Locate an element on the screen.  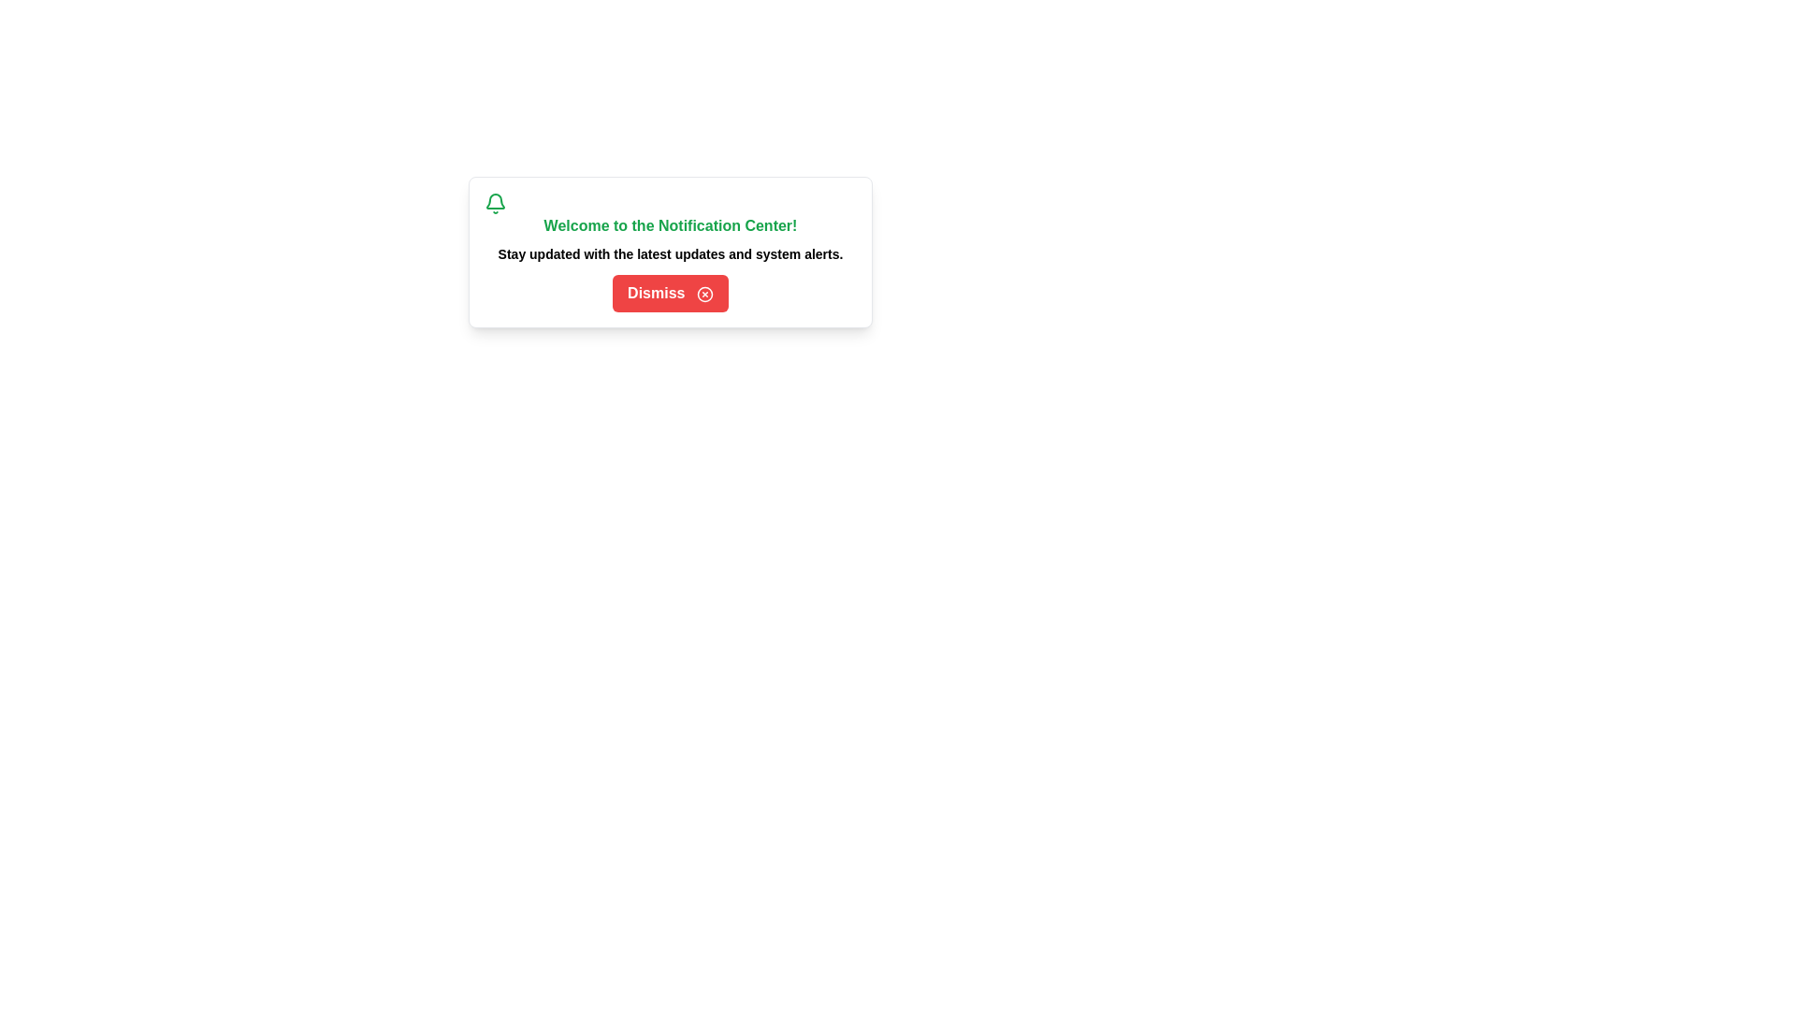
the notification bell icon to reveal hidden interactions is located at coordinates (495, 204).